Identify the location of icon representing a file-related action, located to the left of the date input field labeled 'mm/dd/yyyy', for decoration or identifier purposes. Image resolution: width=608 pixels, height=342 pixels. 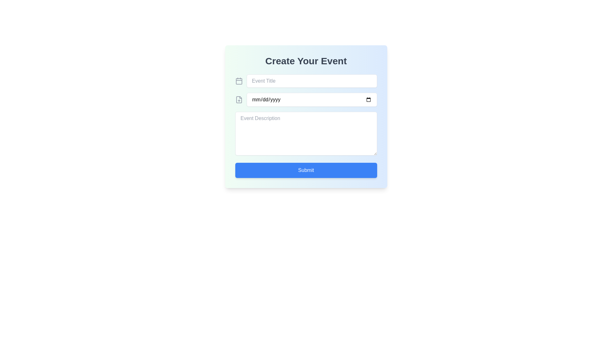
(238, 100).